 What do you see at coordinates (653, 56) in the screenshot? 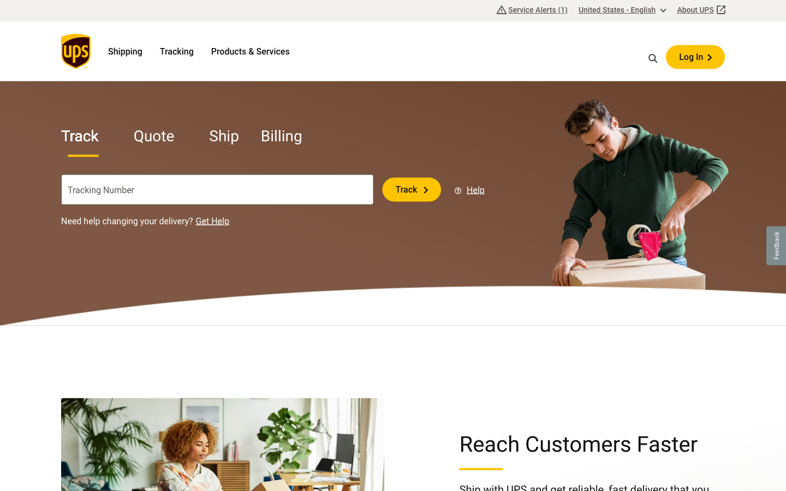
I see `Locate and select the top trending topic` at bounding box center [653, 56].